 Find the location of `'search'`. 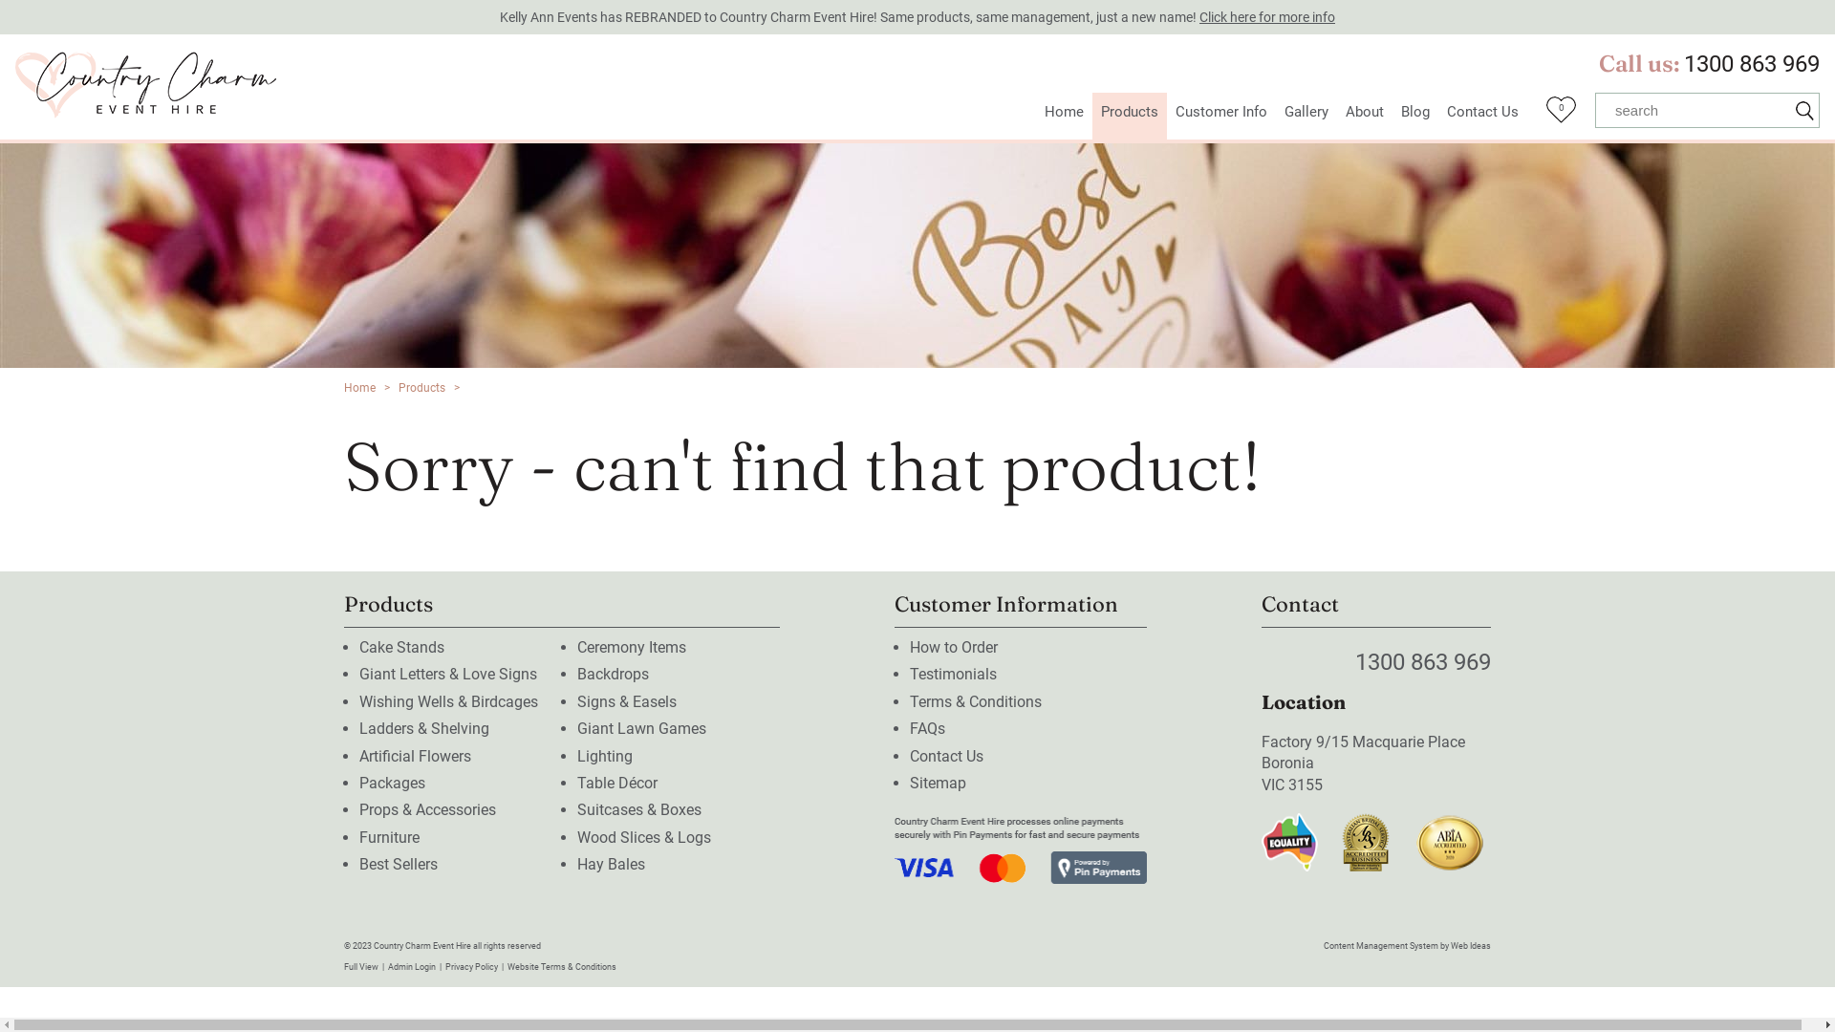

'search' is located at coordinates (1693, 110).